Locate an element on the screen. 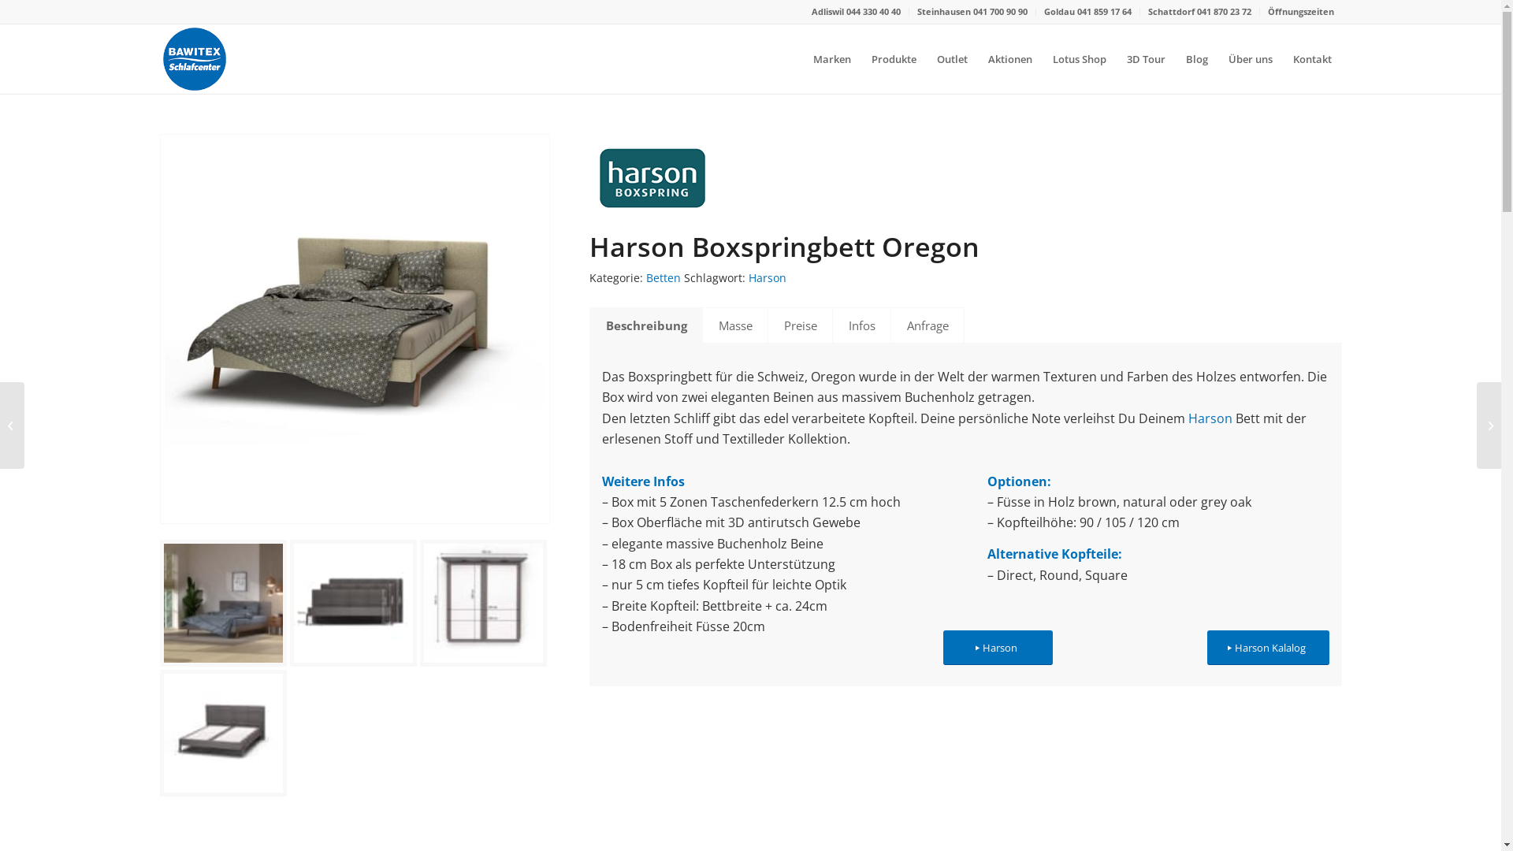 The height and width of the screenshot is (851, 1513). 'Adliswil' is located at coordinates (827, 11).